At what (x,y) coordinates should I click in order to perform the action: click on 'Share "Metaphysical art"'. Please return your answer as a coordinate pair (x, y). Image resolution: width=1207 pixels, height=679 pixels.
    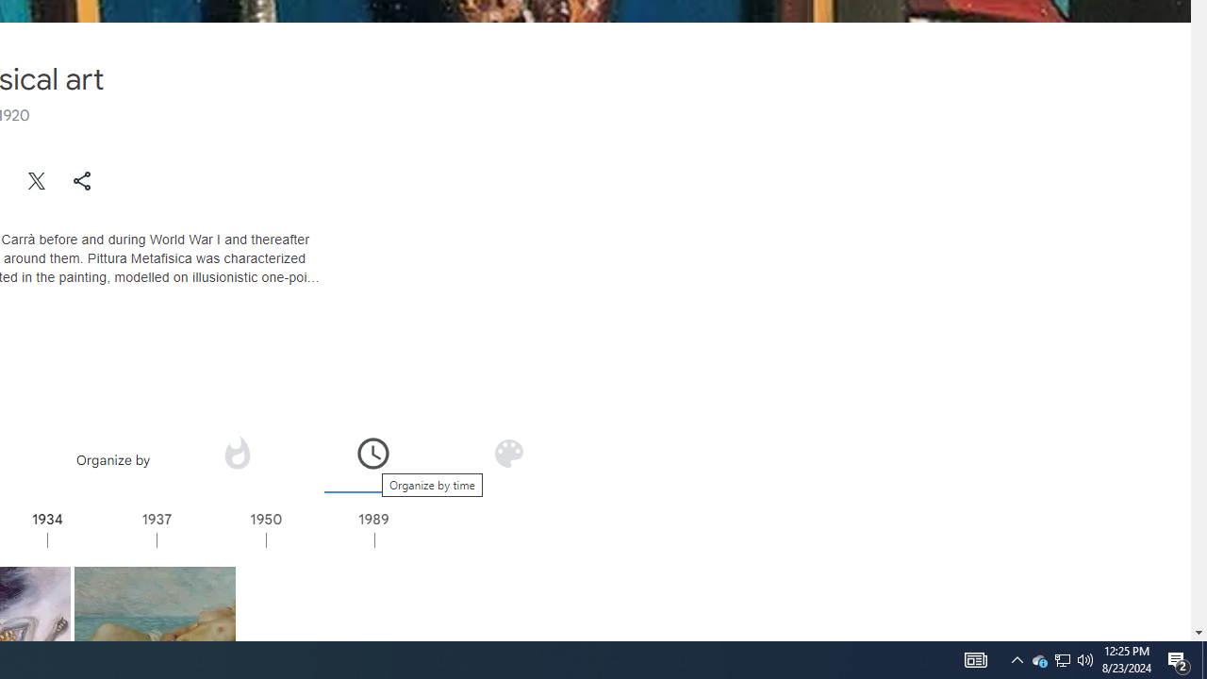
    Looking at the image, I should click on (81, 180).